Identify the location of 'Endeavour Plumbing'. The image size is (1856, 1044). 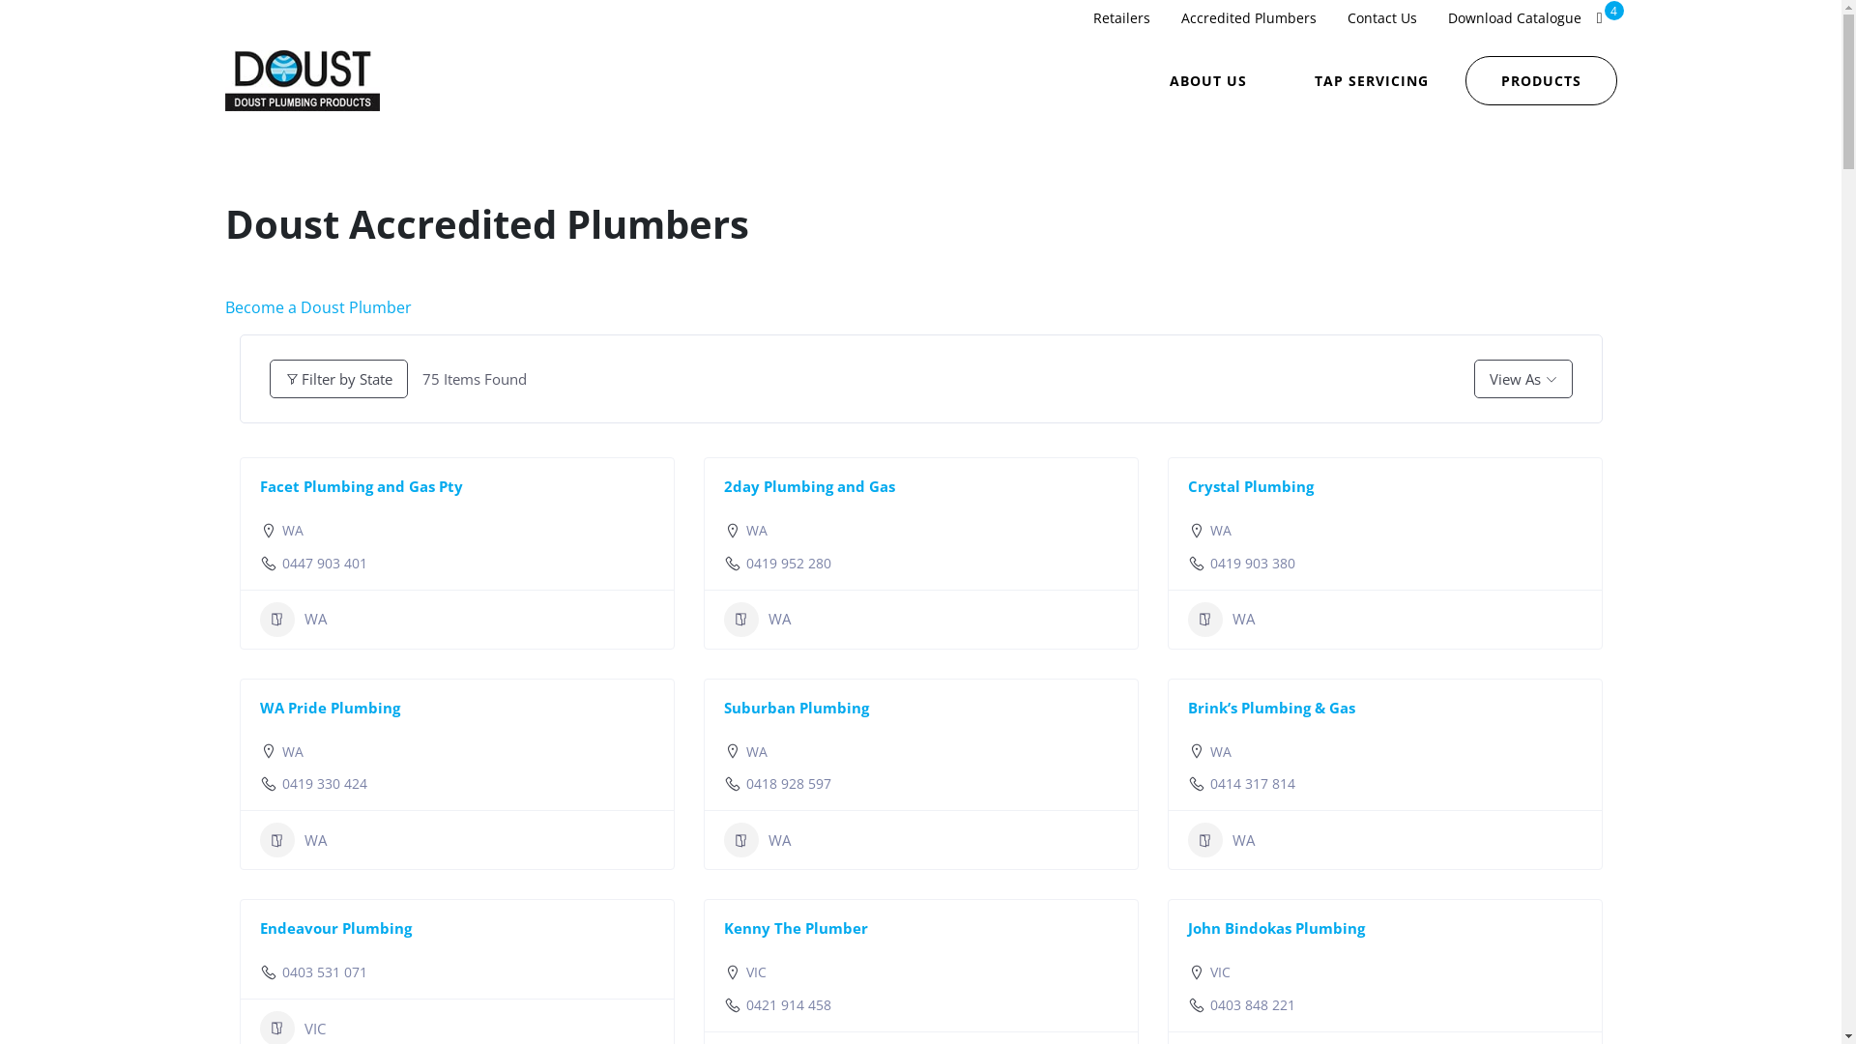
(334, 927).